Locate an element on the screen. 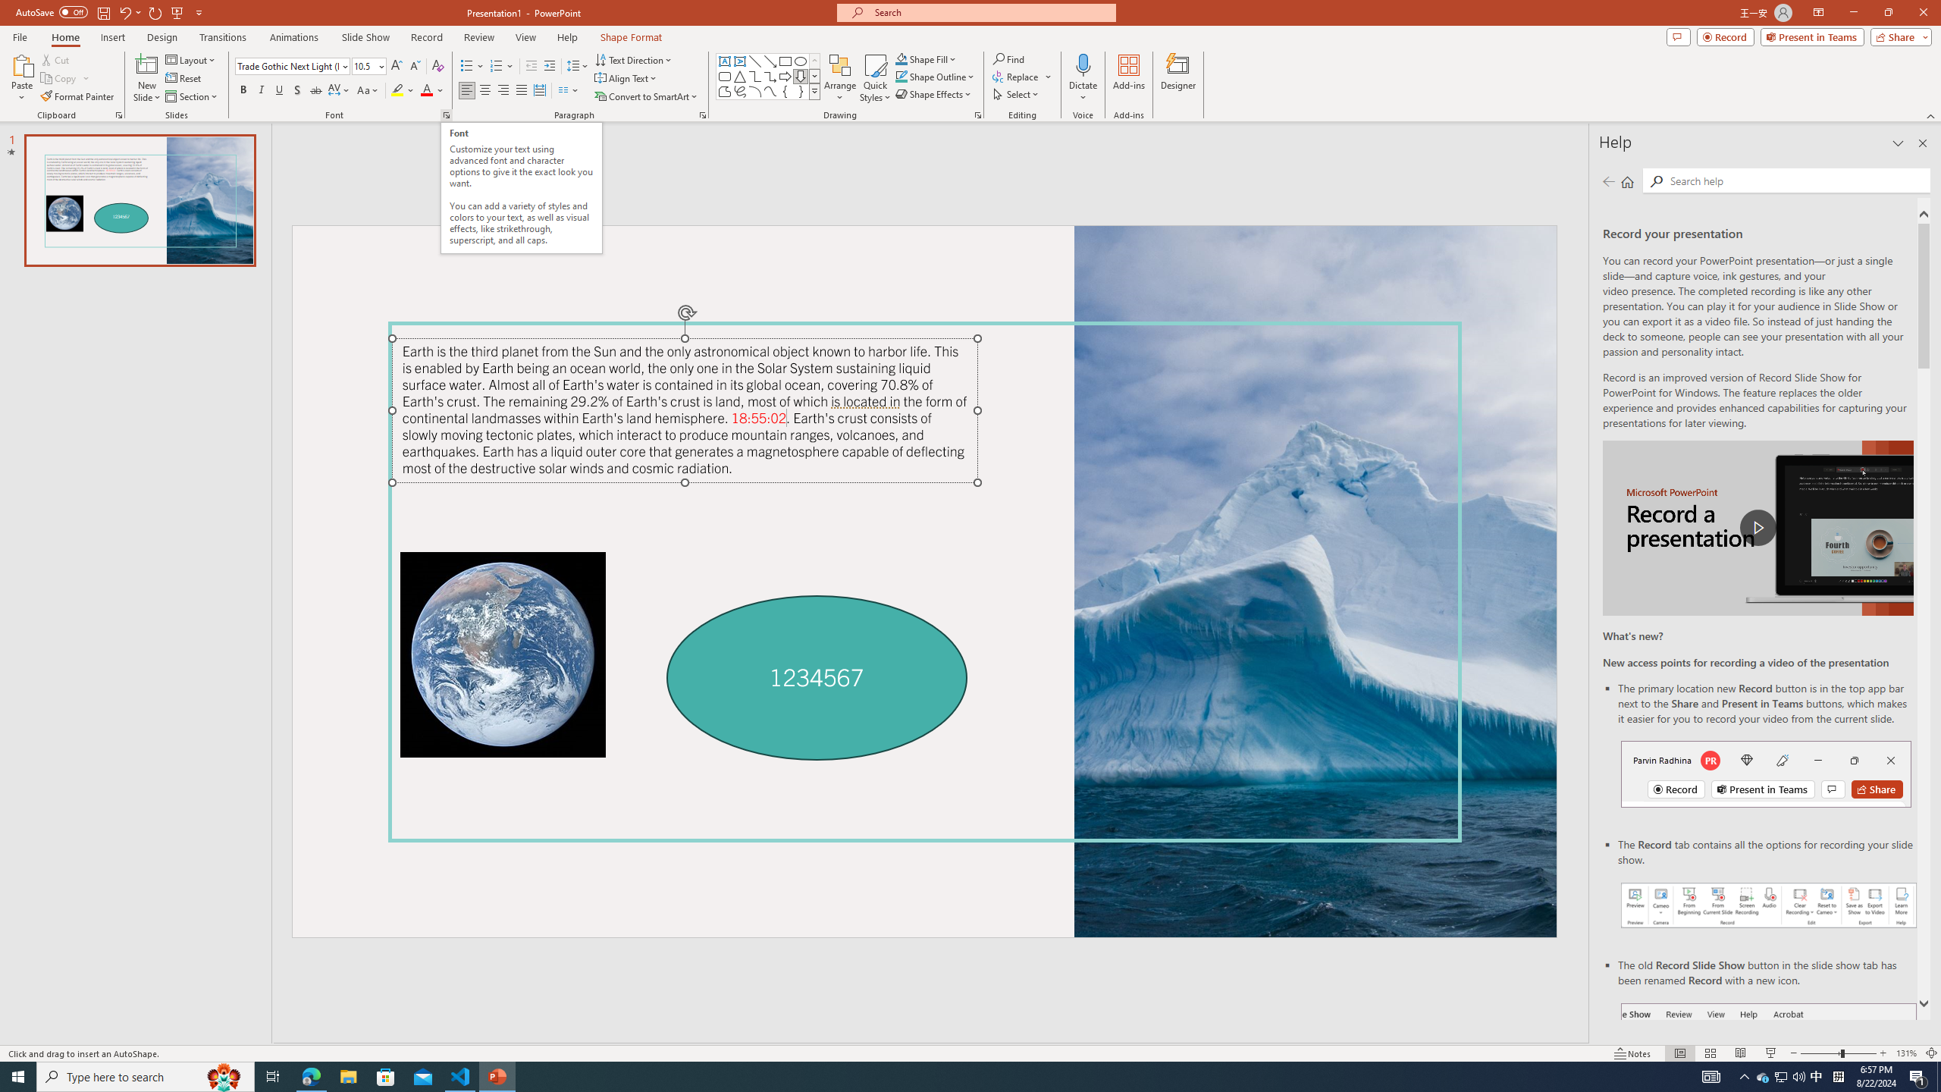 The height and width of the screenshot is (1092, 1941). 'Section' is located at coordinates (192, 96).